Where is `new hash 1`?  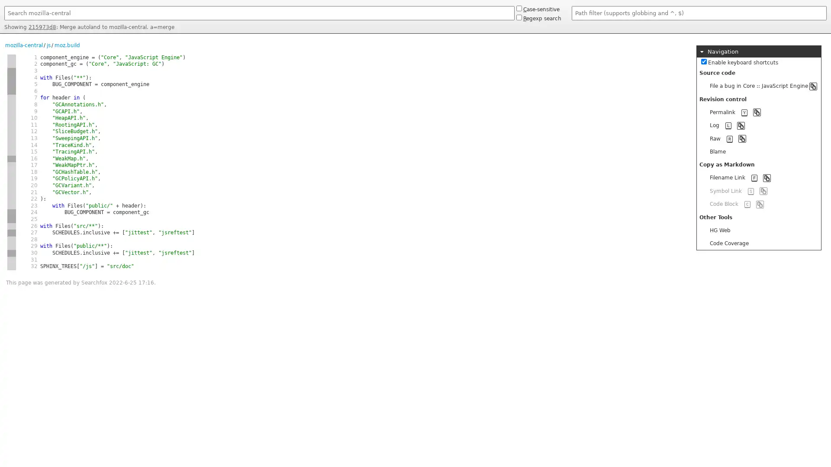 new hash 1 is located at coordinates (12, 165).